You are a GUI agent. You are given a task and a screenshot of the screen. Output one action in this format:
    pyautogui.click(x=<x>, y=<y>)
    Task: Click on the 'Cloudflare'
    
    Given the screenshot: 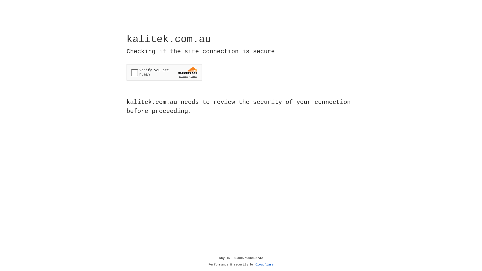 What is the action you would take?
    pyautogui.click(x=264, y=264)
    